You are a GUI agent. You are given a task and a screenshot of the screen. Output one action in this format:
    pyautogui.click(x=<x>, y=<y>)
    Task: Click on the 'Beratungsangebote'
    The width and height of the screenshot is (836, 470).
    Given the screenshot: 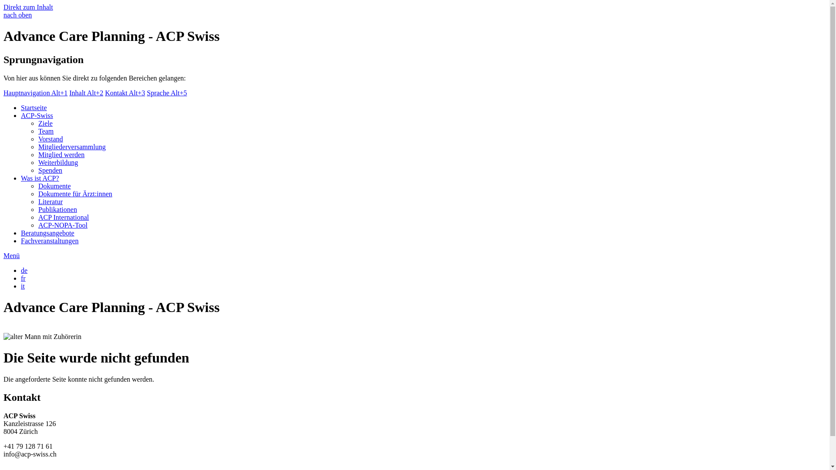 What is the action you would take?
    pyautogui.click(x=47, y=232)
    